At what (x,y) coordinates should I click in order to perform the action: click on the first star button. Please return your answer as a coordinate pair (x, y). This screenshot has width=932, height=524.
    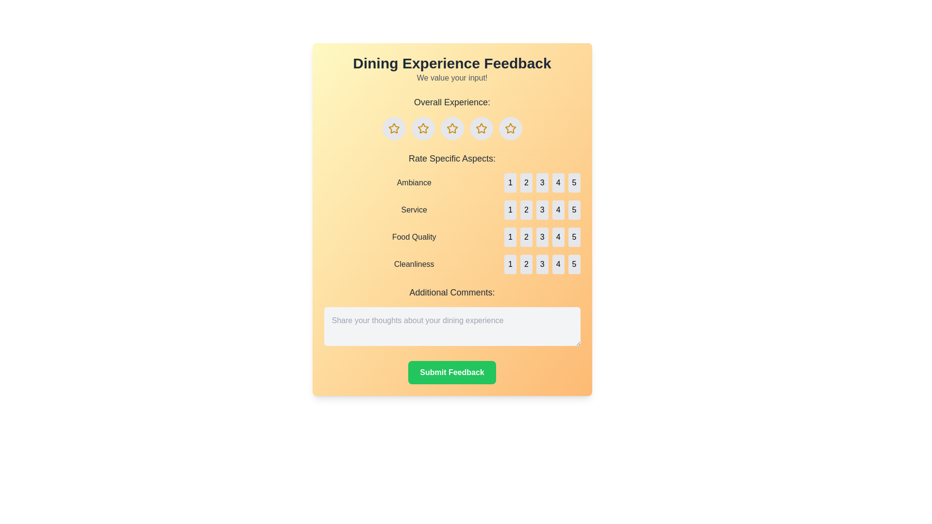
    Looking at the image, I should click on (394, 128).